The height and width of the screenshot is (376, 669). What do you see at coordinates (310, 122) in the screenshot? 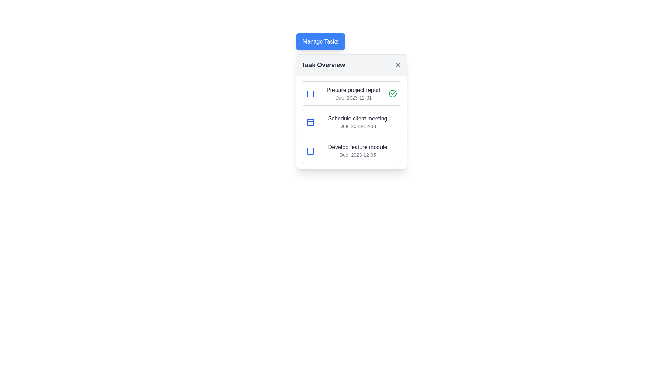
I see `the decorative component representing the internal part of the calendar icon in the 'Schedule client meeting' task list entry` at bounding box center [310, 122].